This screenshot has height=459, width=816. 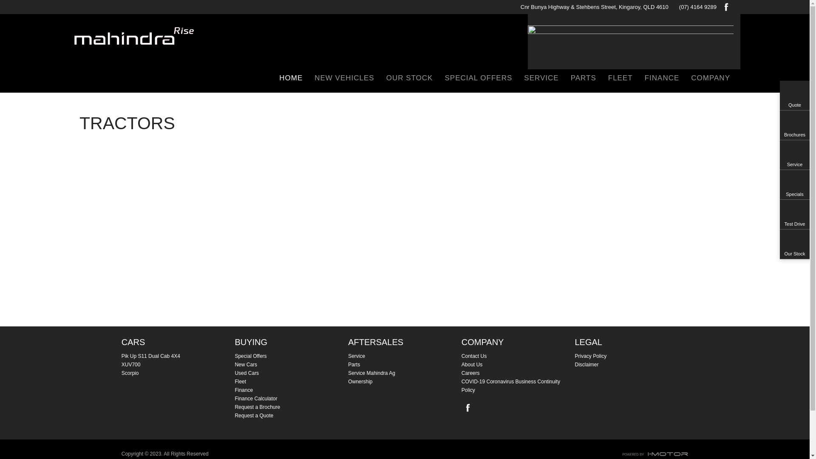 What do you see at coordinates (708, 79) in the screenshot?
I see `'COMPANY'` at bounding box center [708, 79].